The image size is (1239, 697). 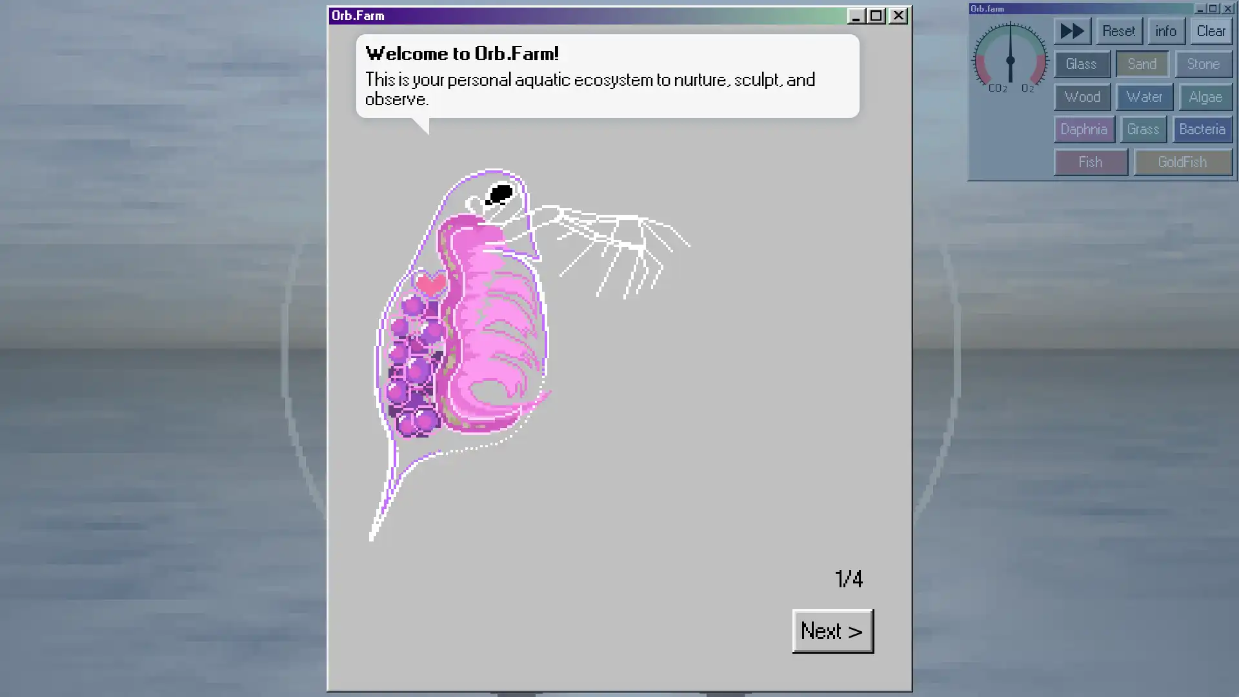 What do you see at coordinates (622, 16) in the screenshot?
I see `info` at bounding box center [622, 16].